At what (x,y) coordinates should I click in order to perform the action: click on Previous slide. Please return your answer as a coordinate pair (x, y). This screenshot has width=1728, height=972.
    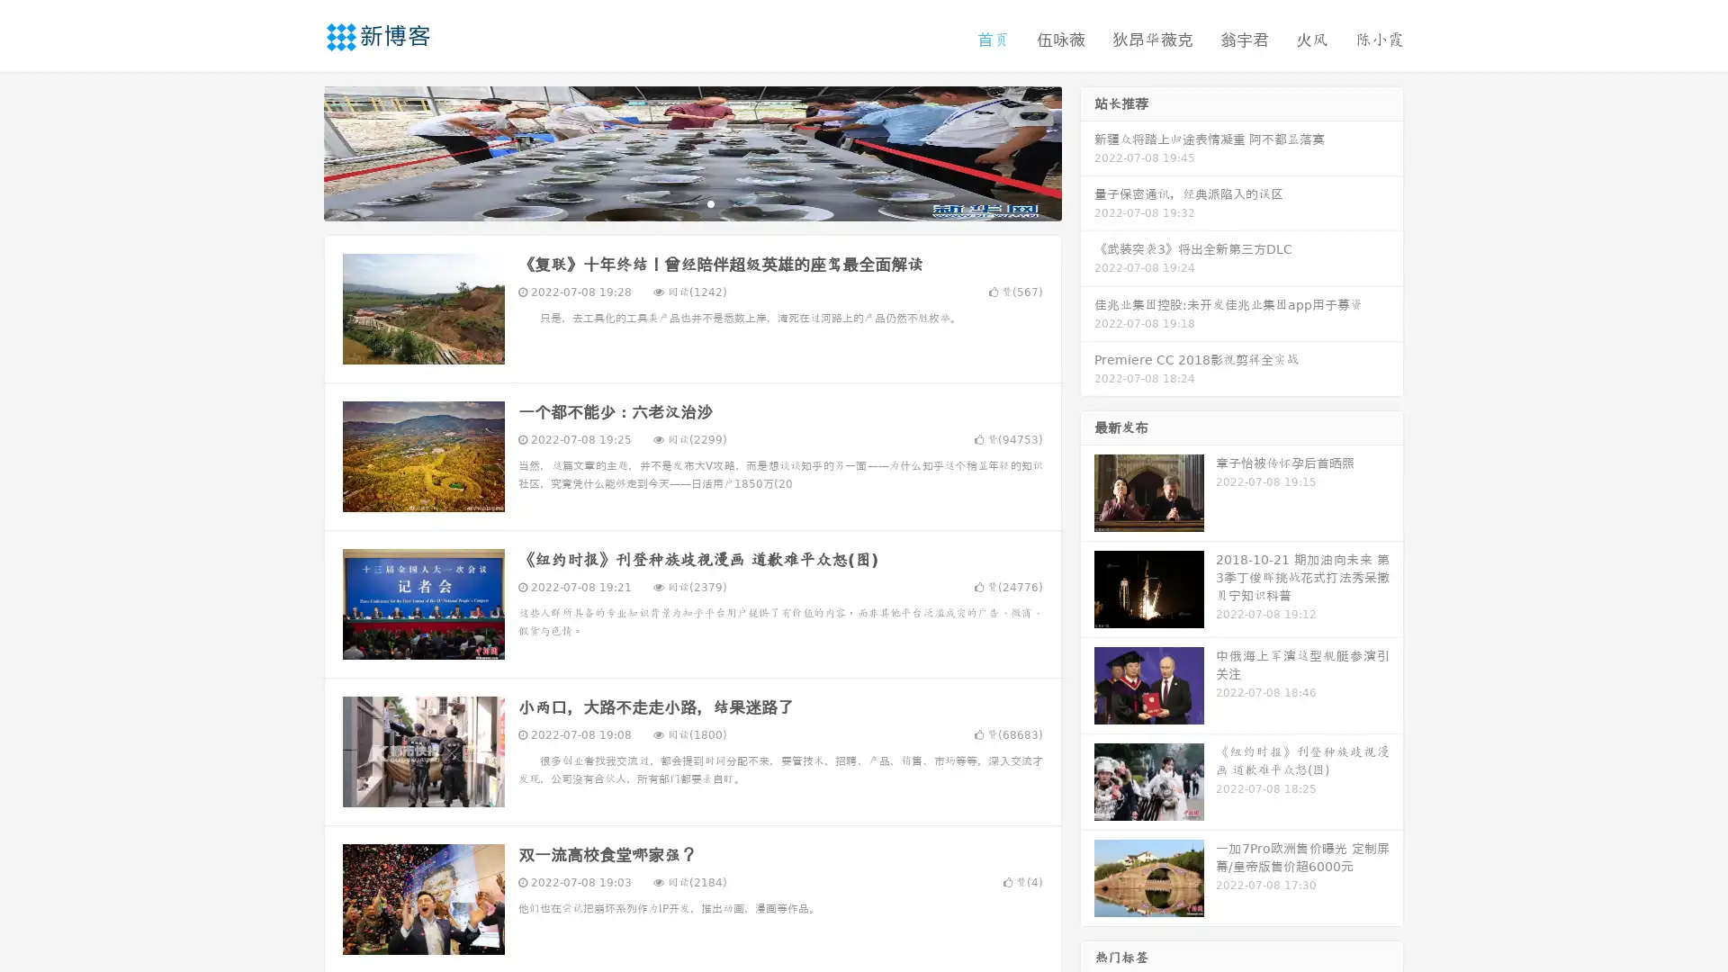
    Looking at the image, I should click on (297, 151).